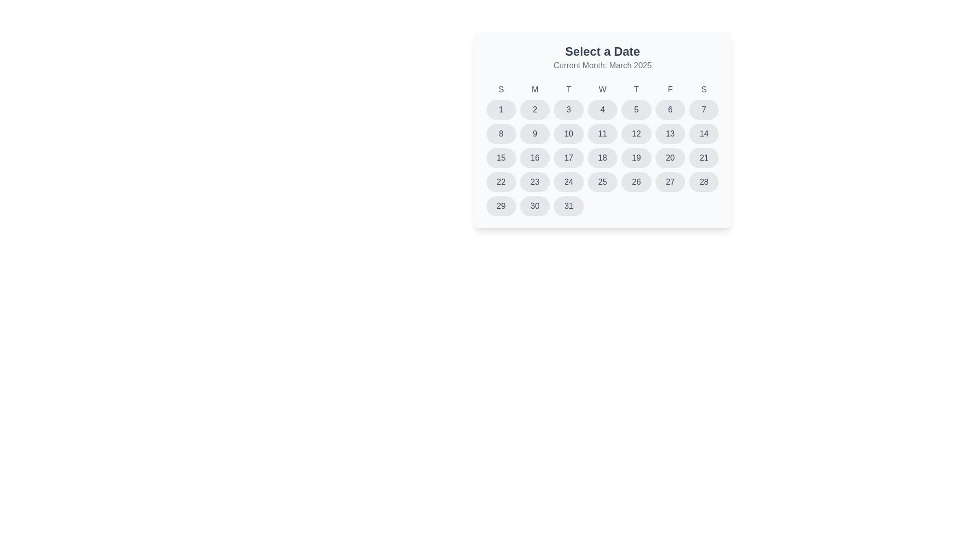  I want to click on the text heading element displaying 'Select a Date', which is prominently styled in dark gray on a light background, located at the top of the calendar interface, so click(602, 52).